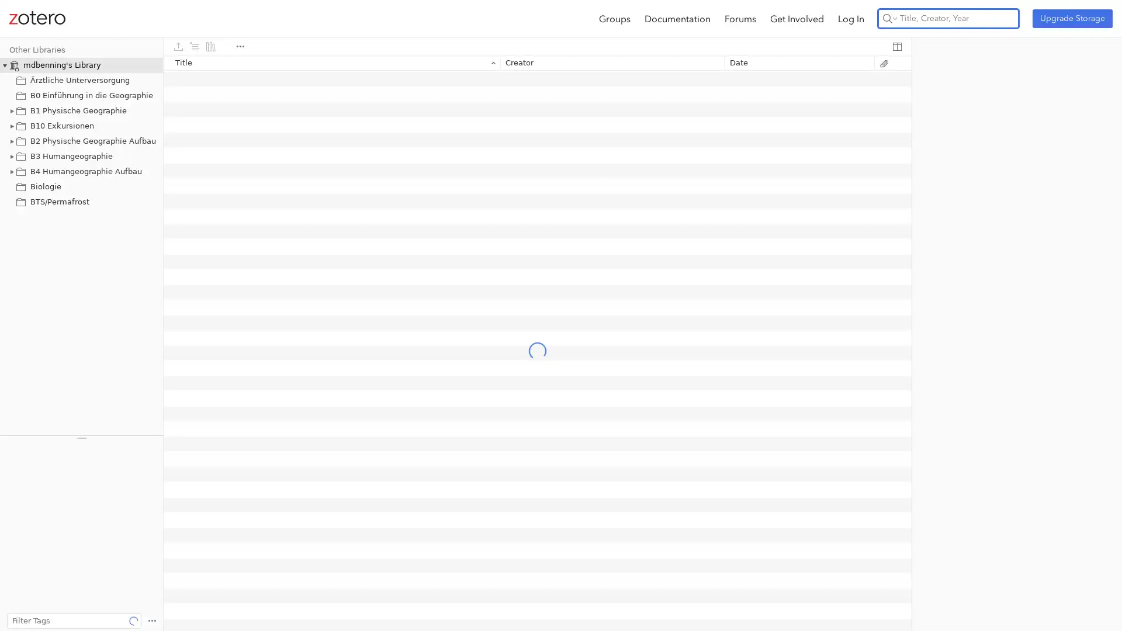 Image resolution: width=1122 pixels, height=631 pixels. What do you see at coordinates (58, 556) in the screenshot?
I see `Federal Republic of Germany` at bounding box center [58, 556].